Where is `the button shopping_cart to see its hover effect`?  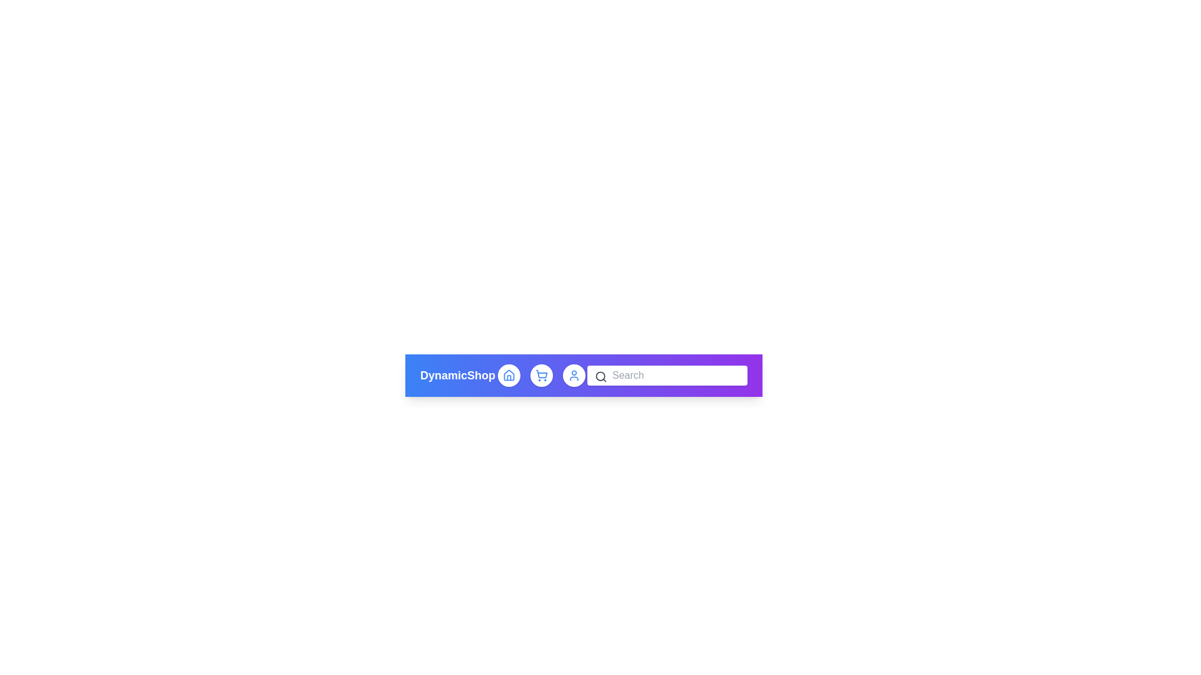
the button shopping_cart to see its hover effect is located at coordinates (541, 375).